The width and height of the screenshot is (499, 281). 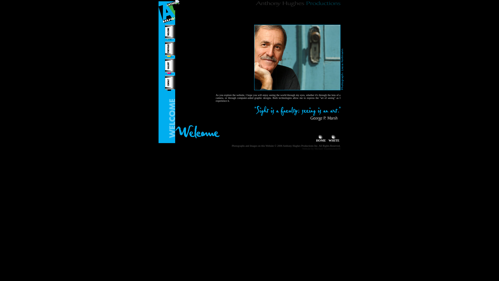 What do you see at coordinates (334, 139) in the screenshot?
I see `'WHITE'` at bounding box center [334, 139].